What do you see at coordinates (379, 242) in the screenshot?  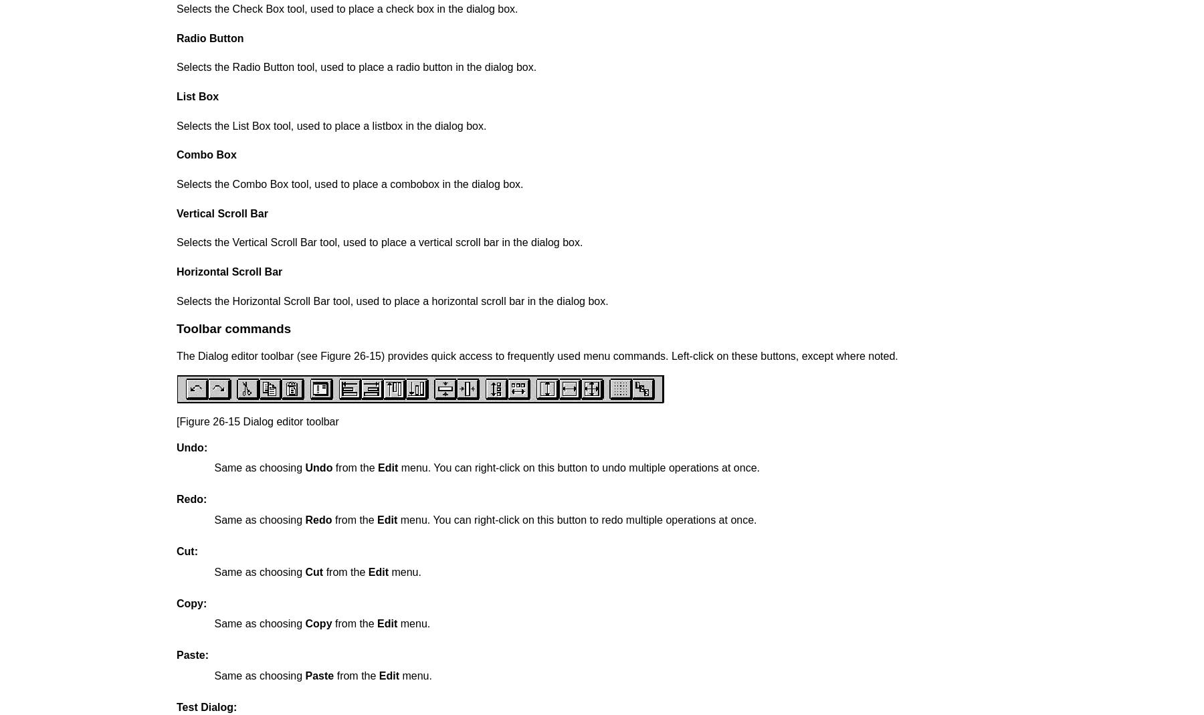 I see `'Selects the Vertical Scroll Bar tool, used to place a vertical scroll bar 
in the dialog box.'` at bounding box center [379, 242].